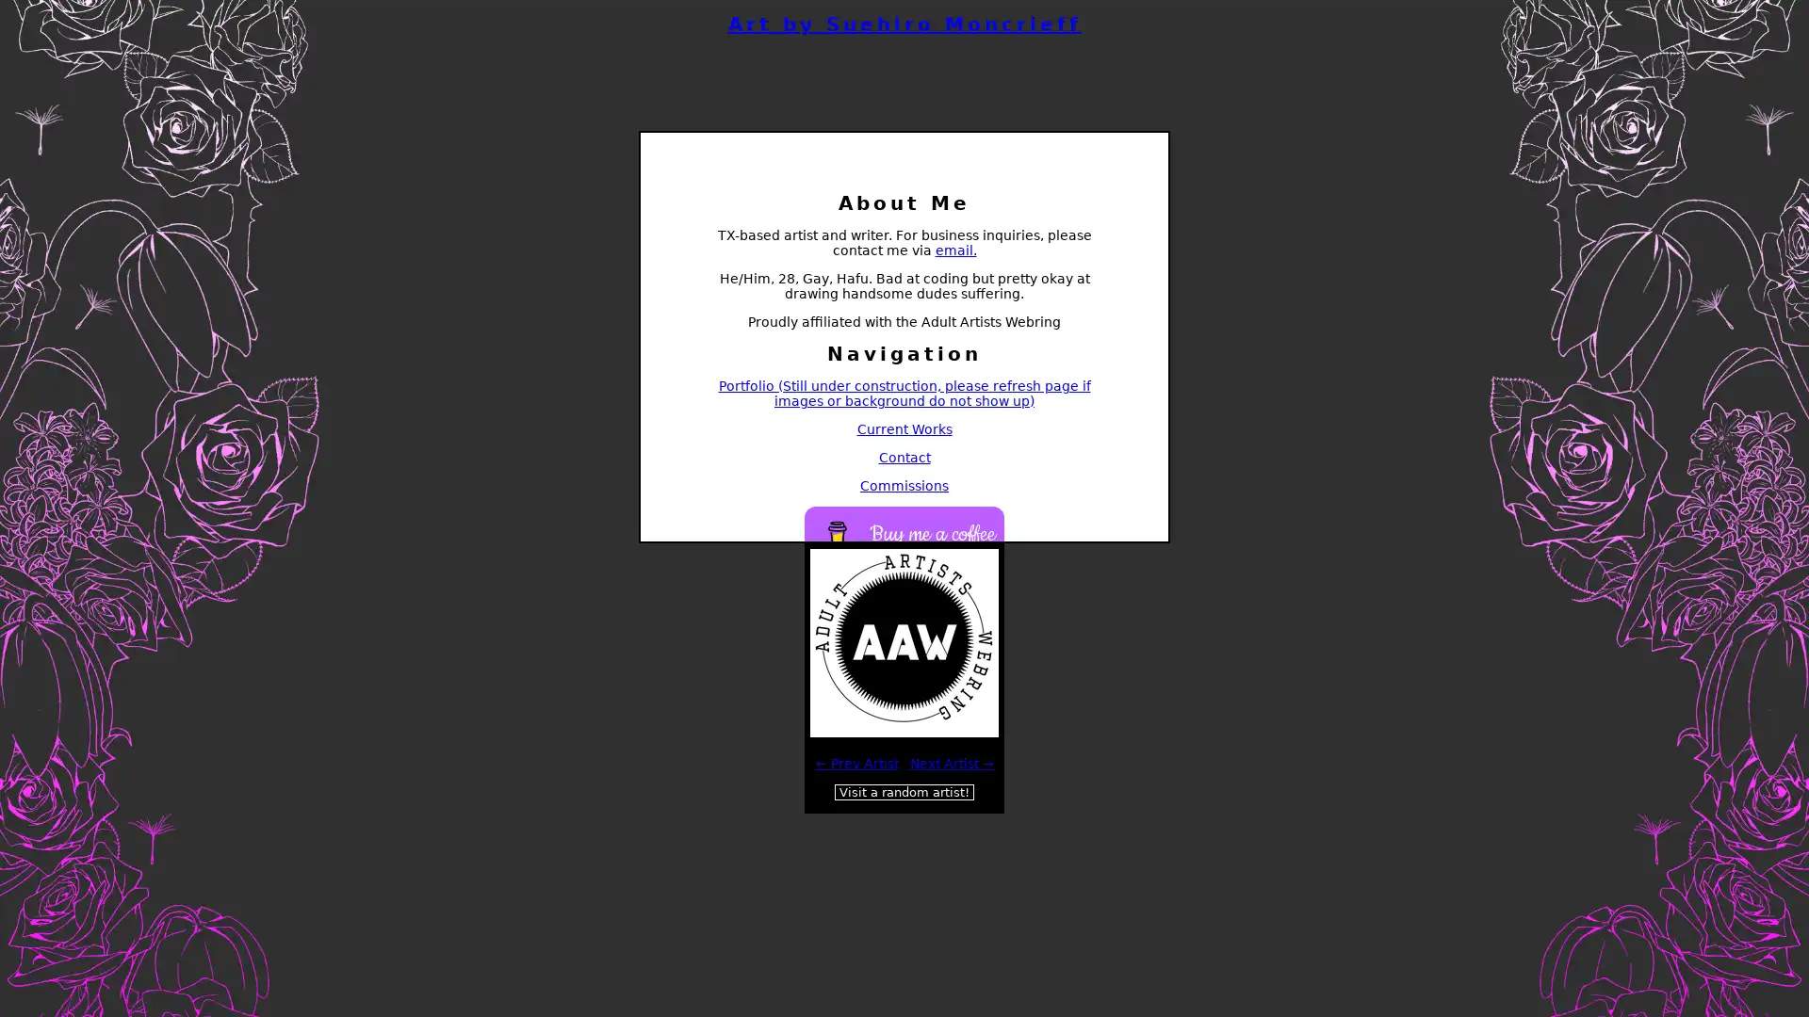 The width and height of the screenshot is (1809, 1017). I want to click on Visit a random artist!, so click(904, 792).